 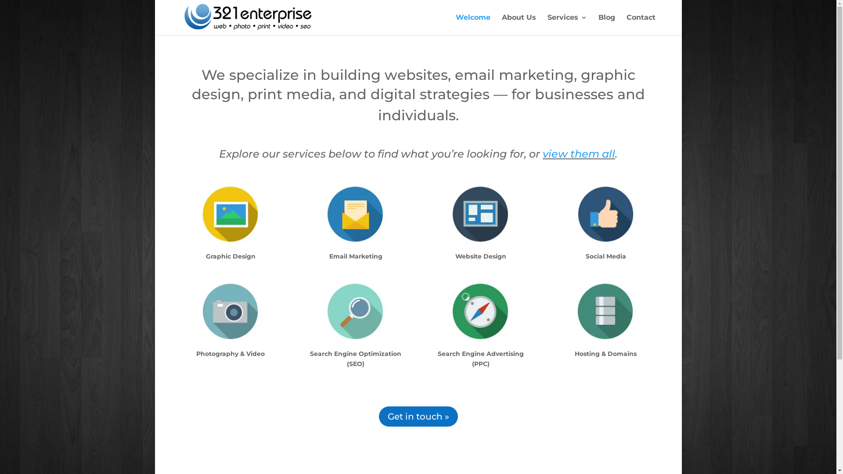 What do you see at coordinates (605, 311) in the screenshot?
I see `'database-tout'` at bounding box center [605, 311].